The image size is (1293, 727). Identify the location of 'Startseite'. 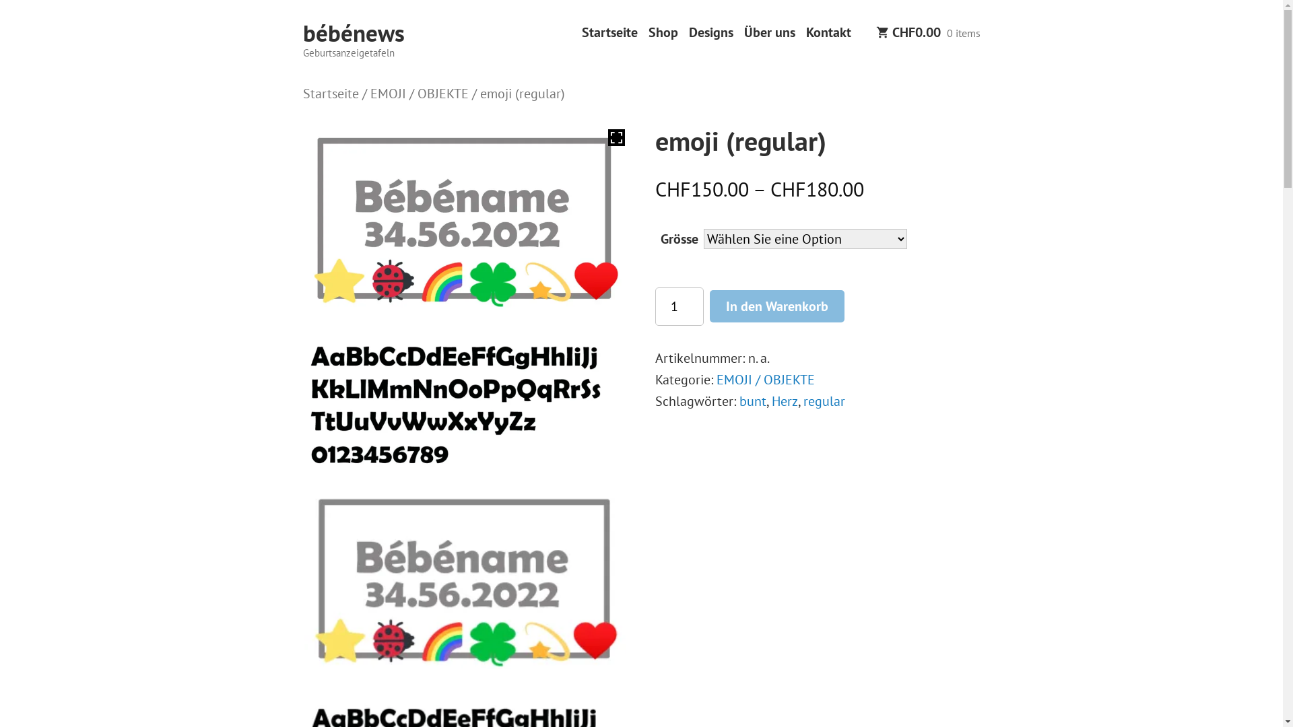
(331, 92).